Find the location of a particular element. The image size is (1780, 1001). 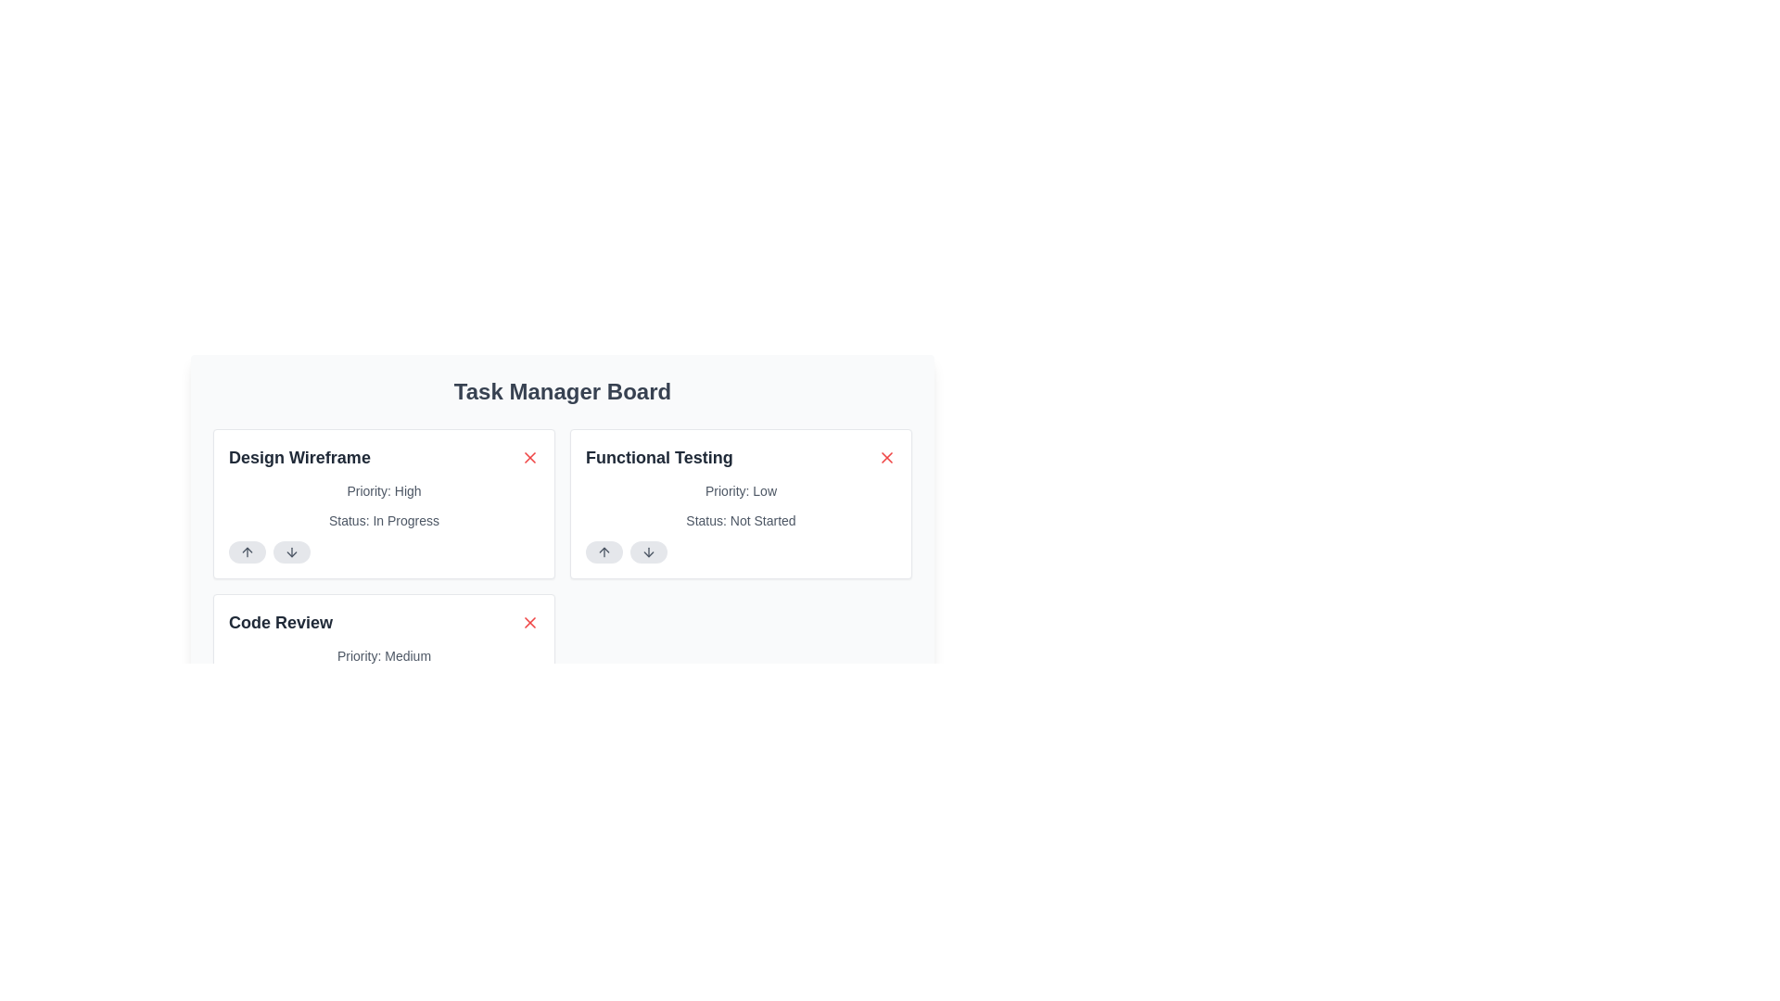

the small, upward-pointing arrow icon button located at the lower-left corner of the 'Design Wireframe' task card is located at coordinates (247, 551).